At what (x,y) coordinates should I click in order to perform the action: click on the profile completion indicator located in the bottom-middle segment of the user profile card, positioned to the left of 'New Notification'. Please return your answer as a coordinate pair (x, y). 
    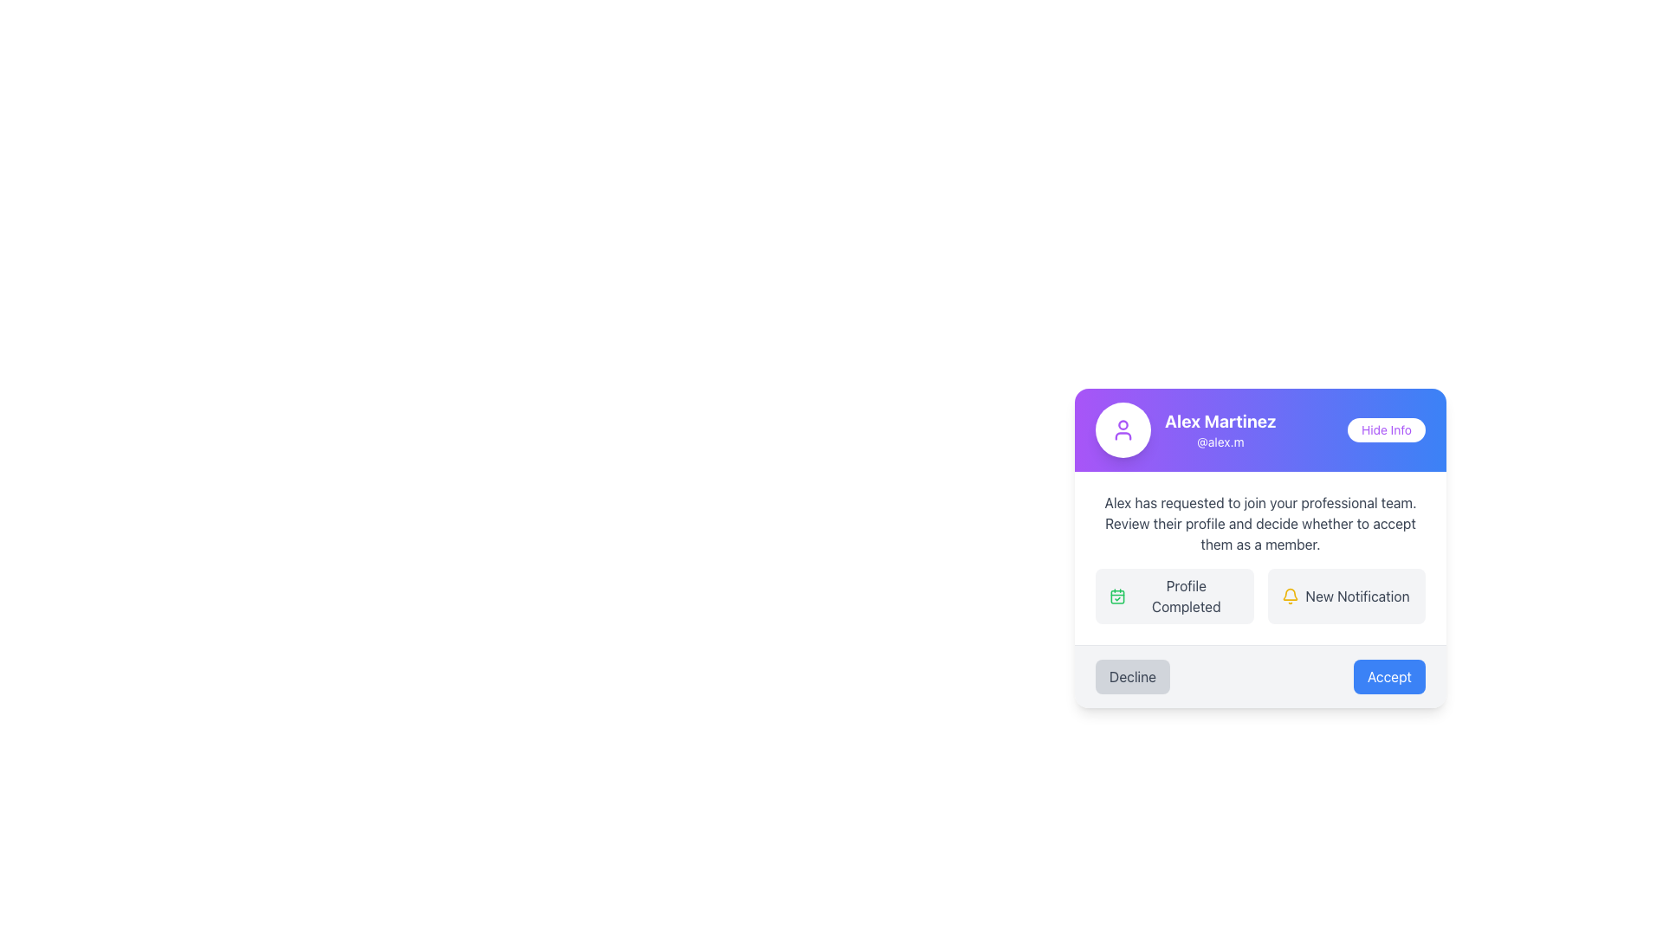
    Looking at the image, I should click on (1174, 596).